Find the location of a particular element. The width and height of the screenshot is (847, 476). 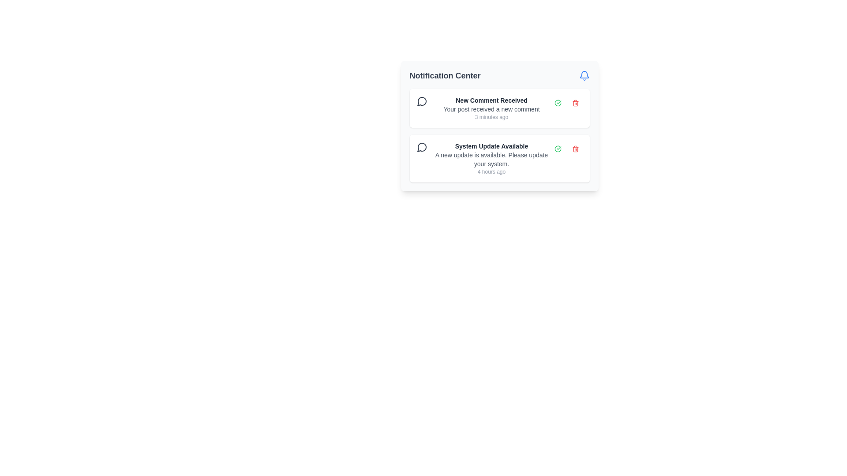

text displaying the elapsed time since the notification 'System Update Available' was generated, located at the bottom center of the notification card is located at coordinates (491, 171).